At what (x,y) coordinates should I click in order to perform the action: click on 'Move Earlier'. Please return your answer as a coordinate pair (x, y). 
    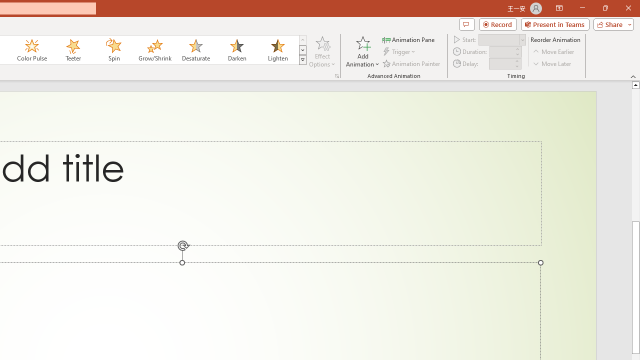
    Looking at the image, I should click on (553, 51).